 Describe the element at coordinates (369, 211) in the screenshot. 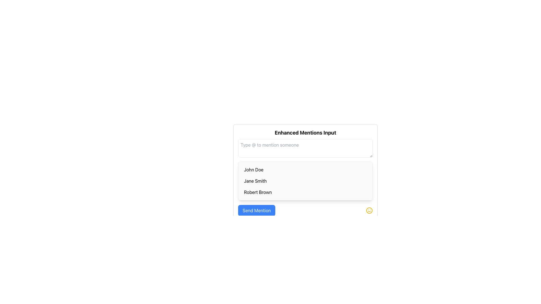

I see `the outer circle of the smiley face icon located at the bottom-right corner of the interface, which indicates positivity or success` at that location.